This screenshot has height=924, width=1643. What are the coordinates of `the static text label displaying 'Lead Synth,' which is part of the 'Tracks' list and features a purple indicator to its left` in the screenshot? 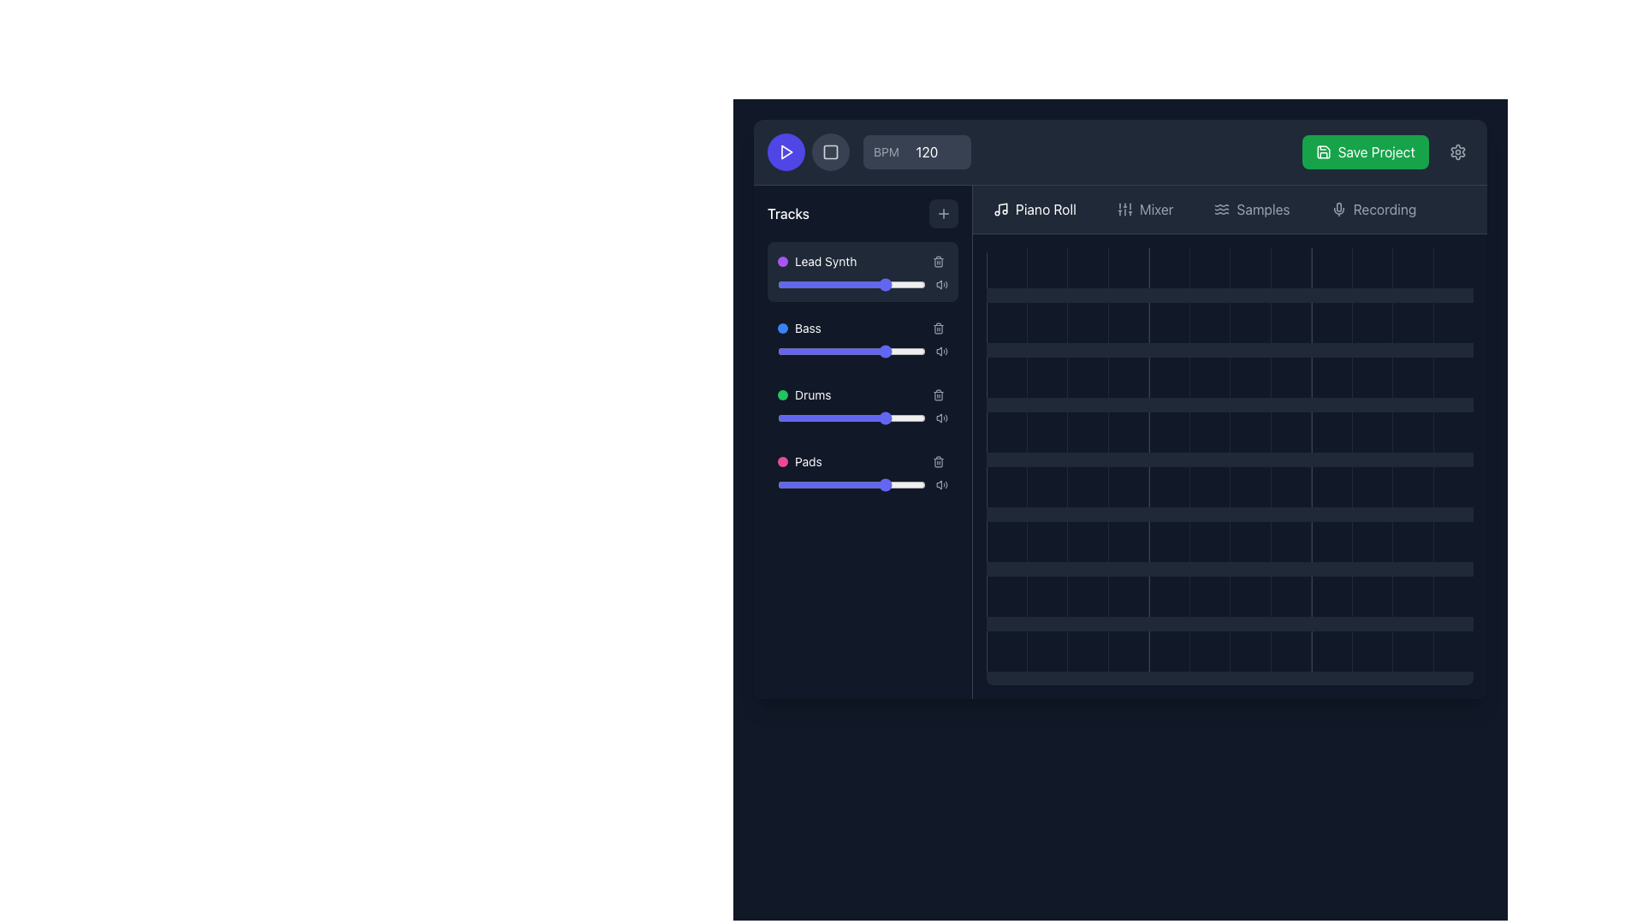 It's located at (826, 261).